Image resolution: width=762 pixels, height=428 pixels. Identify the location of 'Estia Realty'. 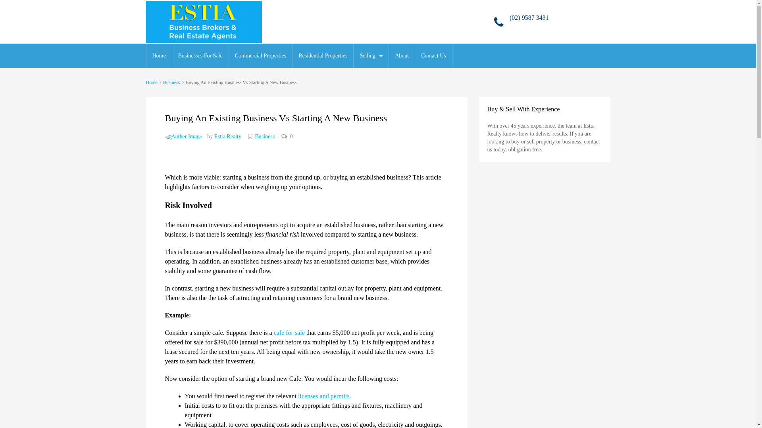
(227, 136).